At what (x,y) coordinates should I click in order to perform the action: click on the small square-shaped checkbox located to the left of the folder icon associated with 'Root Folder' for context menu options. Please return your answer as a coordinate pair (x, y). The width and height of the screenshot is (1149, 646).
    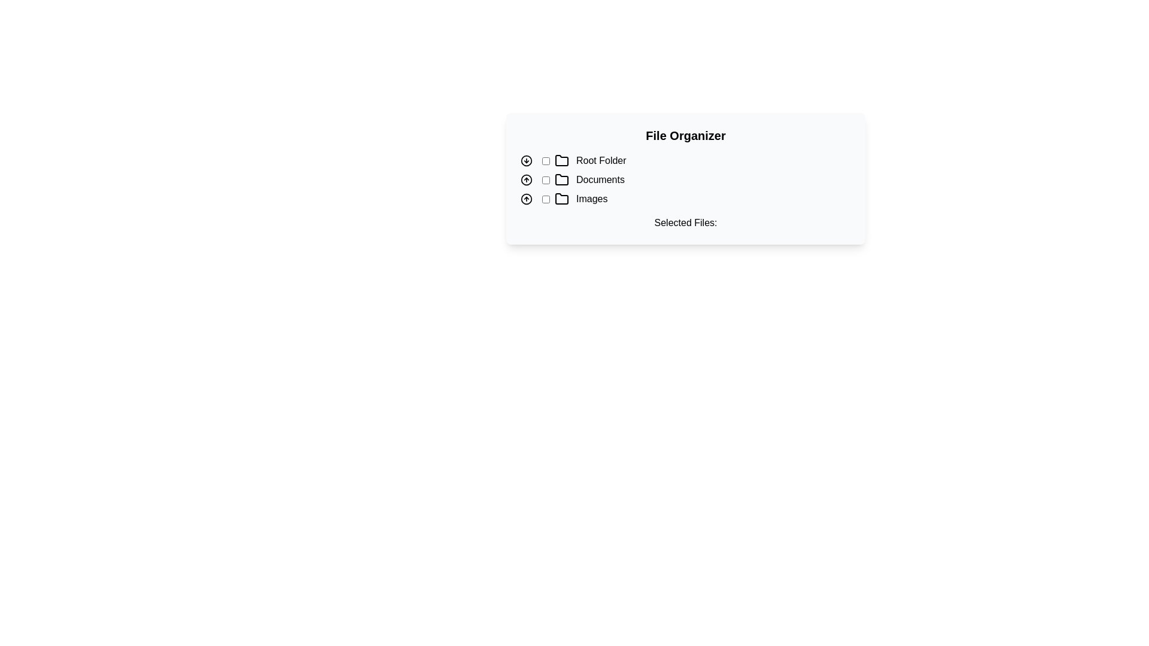
    Looking at the image, I should click on (545, 160).